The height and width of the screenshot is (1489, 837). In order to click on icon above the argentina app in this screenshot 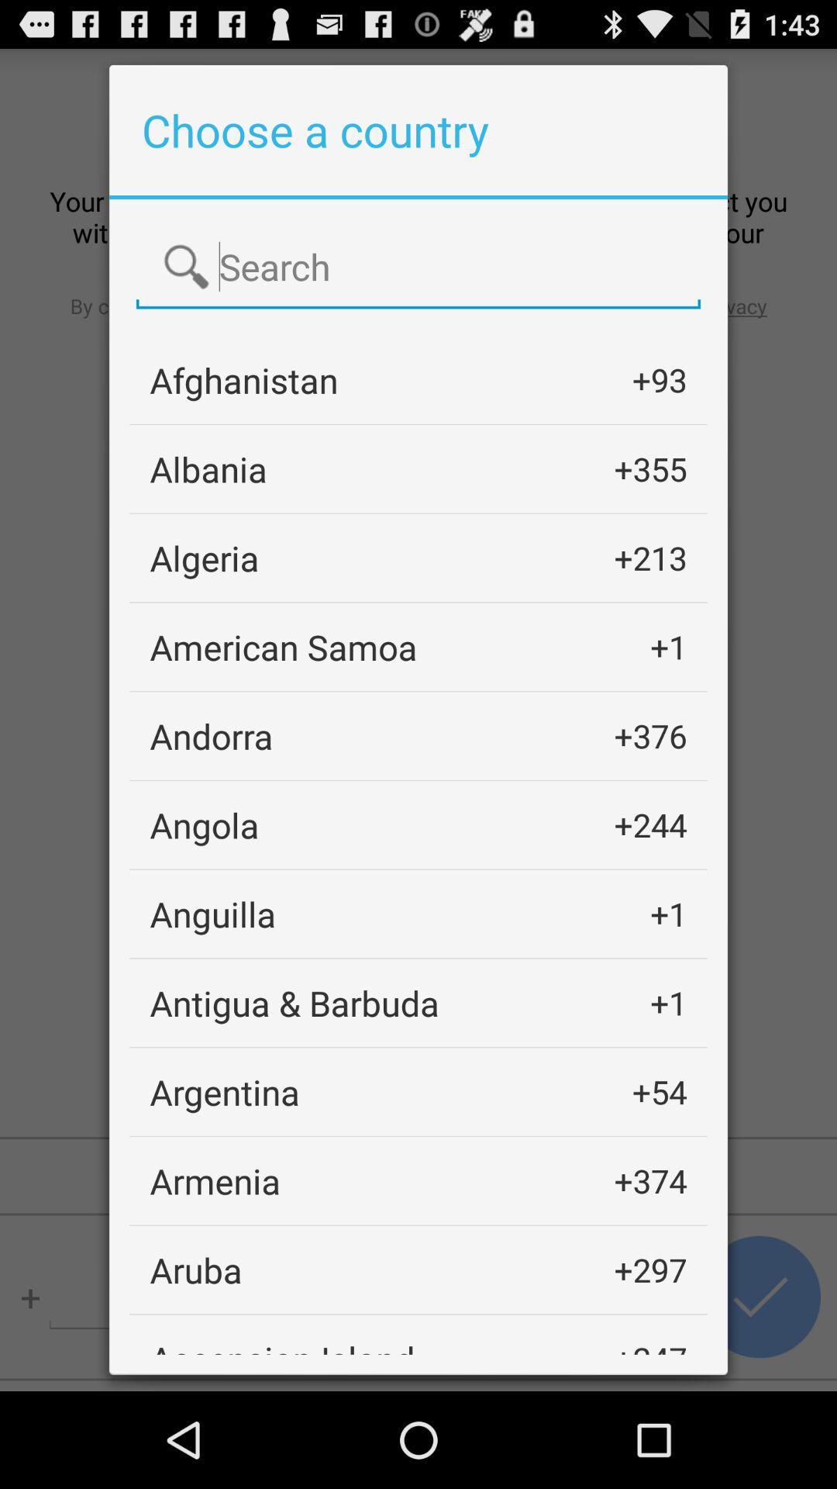, I will do `click(294, 1003)`.